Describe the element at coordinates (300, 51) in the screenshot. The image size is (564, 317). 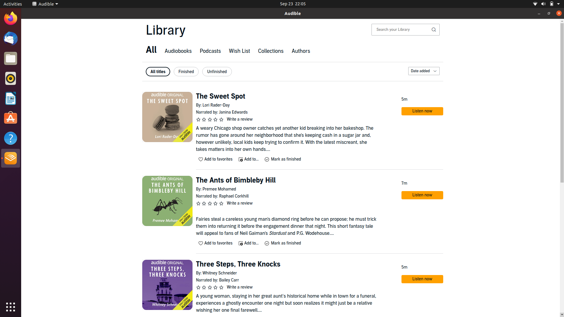
I see `the "Authors" option` at that location.